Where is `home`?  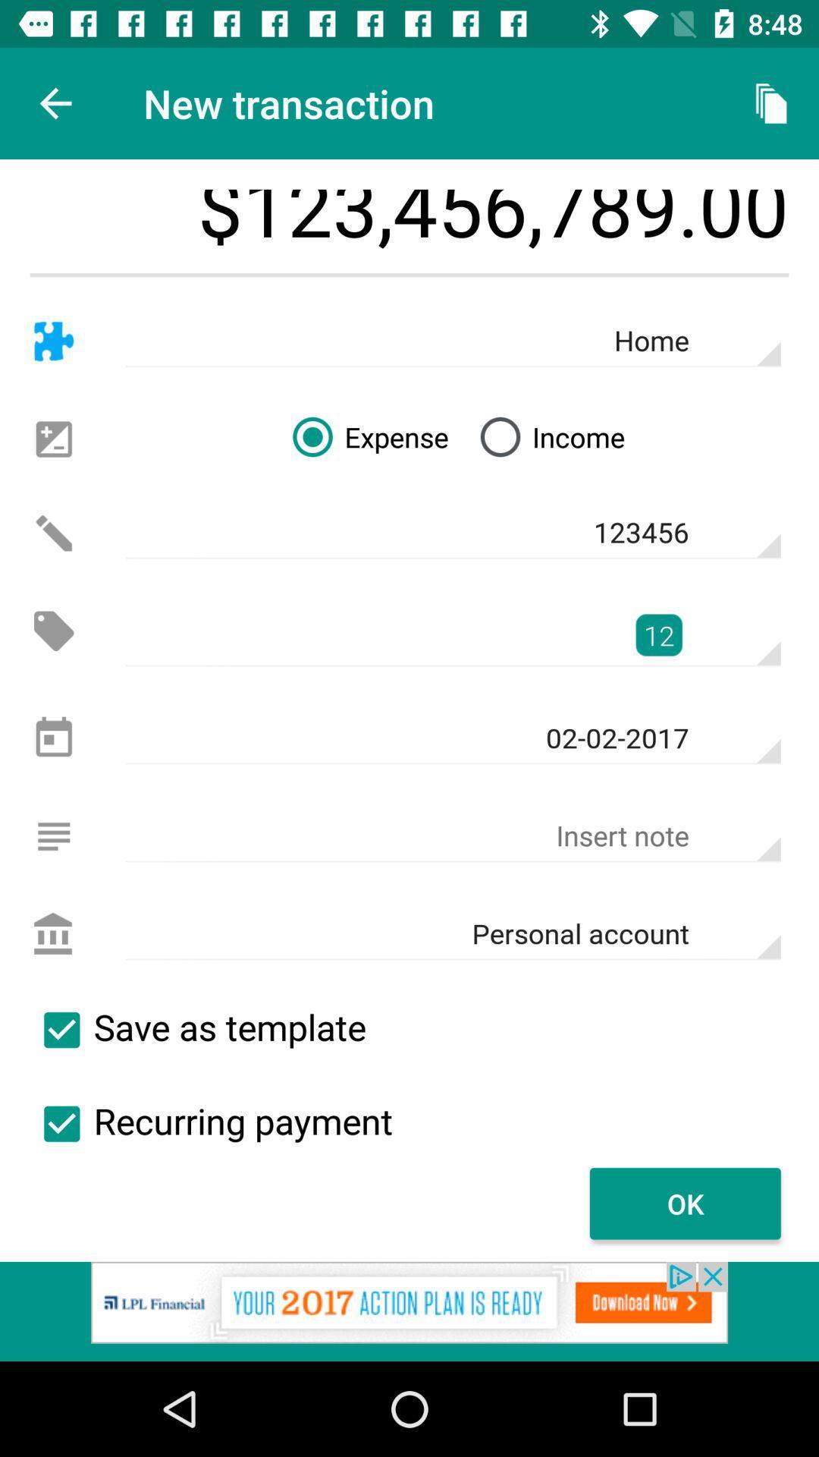
home is located at coordinates (53, 341).